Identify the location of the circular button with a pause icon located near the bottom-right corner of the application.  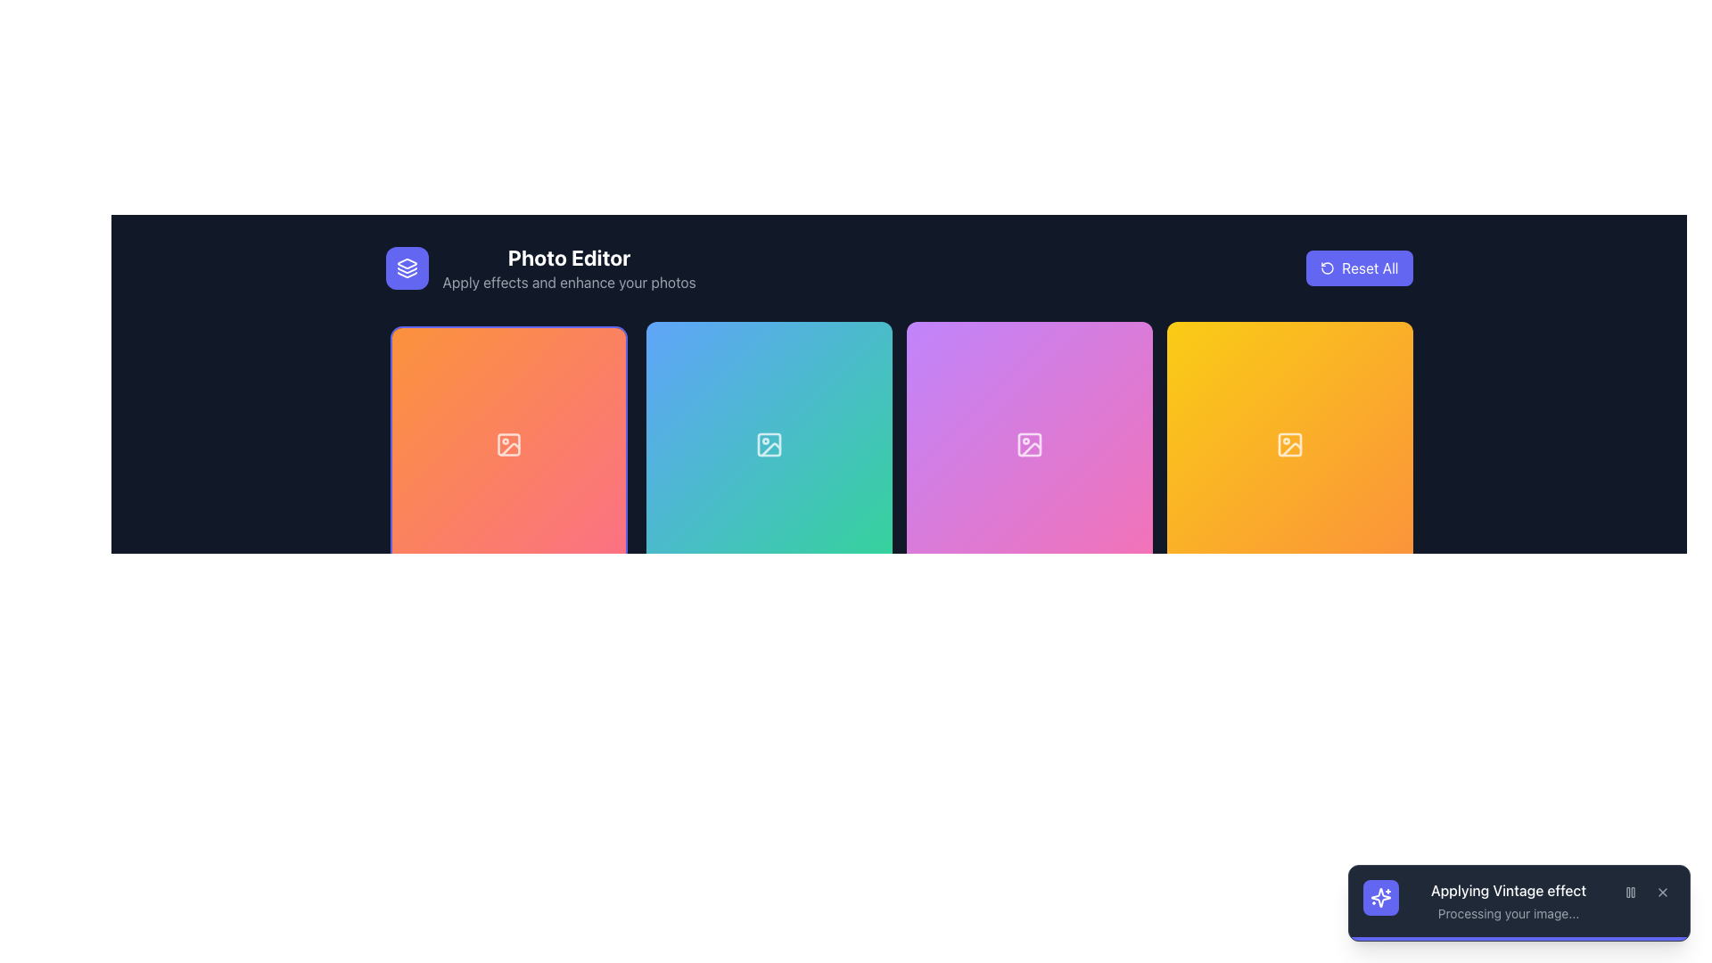
(1630, 893).